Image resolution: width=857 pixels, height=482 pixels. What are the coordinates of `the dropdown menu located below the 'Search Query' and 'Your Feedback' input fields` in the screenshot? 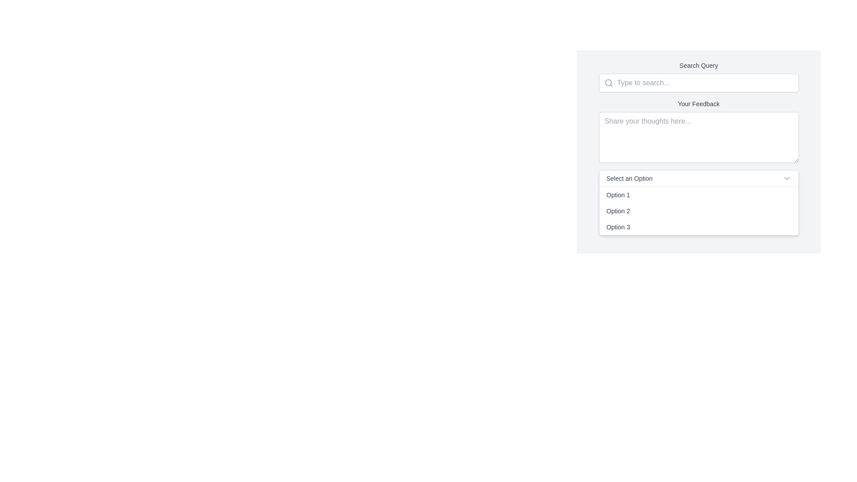 It's located at (698, 203).